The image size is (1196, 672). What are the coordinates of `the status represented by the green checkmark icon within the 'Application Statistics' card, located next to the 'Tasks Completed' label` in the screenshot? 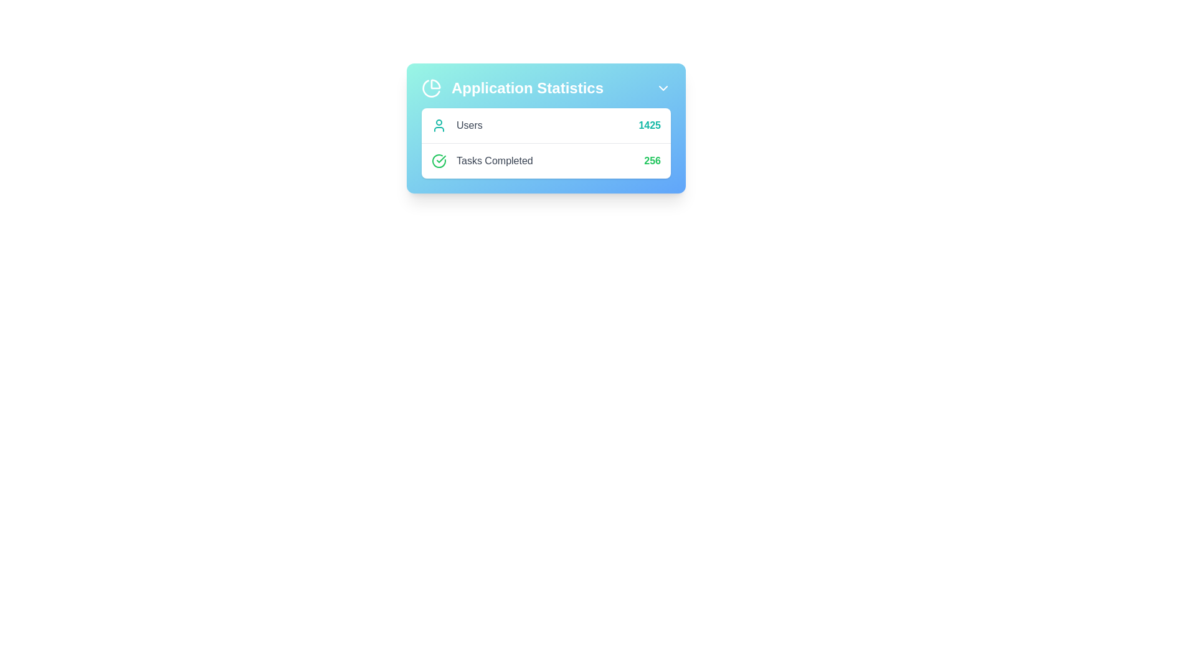 It's located at (441, 158).